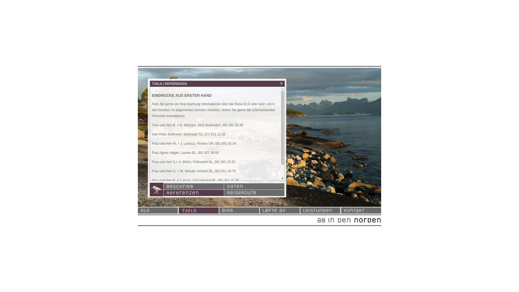 This screenshot has width=519, height=292. What do you see at coordinates (281, 83) in the screenshot?
I see `'X'` at bounding box center [281, 83].